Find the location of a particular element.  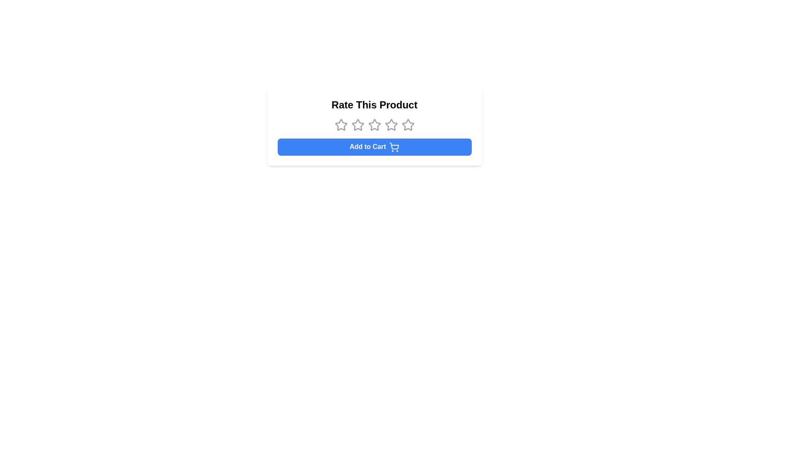

the one-star rating icon located below the 'Rate This Product' text and above the blue 'Add to Cart' button is located at coordinates (341, 125).